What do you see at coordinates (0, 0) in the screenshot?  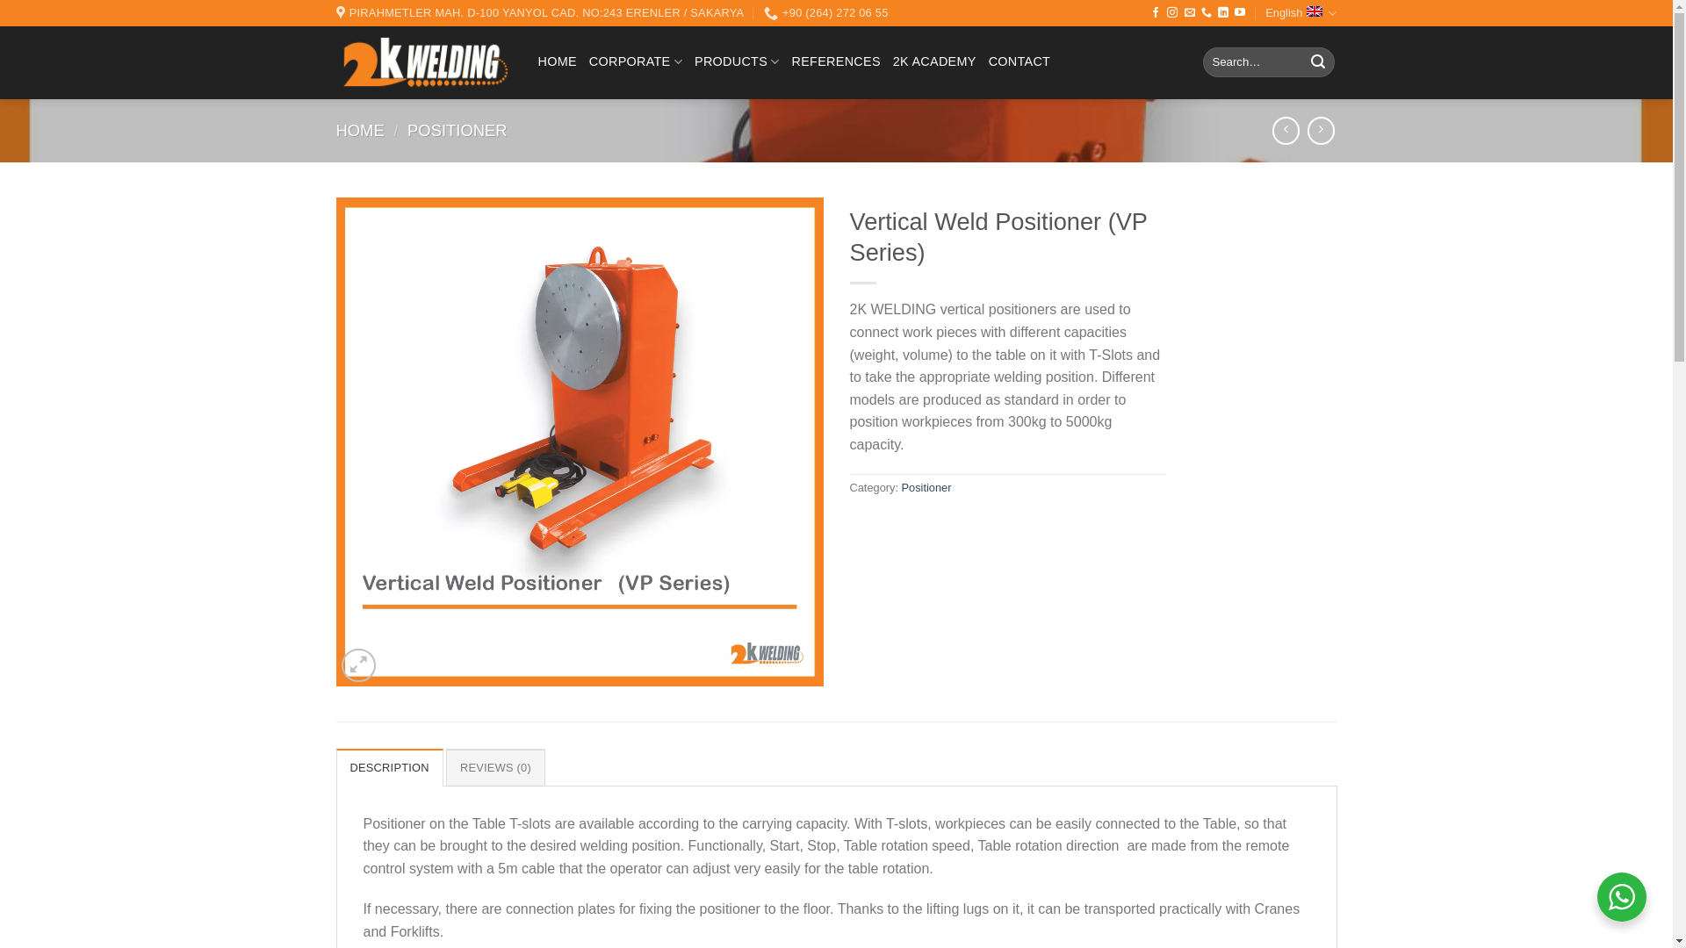 I see `'Skip to content'` at bounding box center [0, 0].